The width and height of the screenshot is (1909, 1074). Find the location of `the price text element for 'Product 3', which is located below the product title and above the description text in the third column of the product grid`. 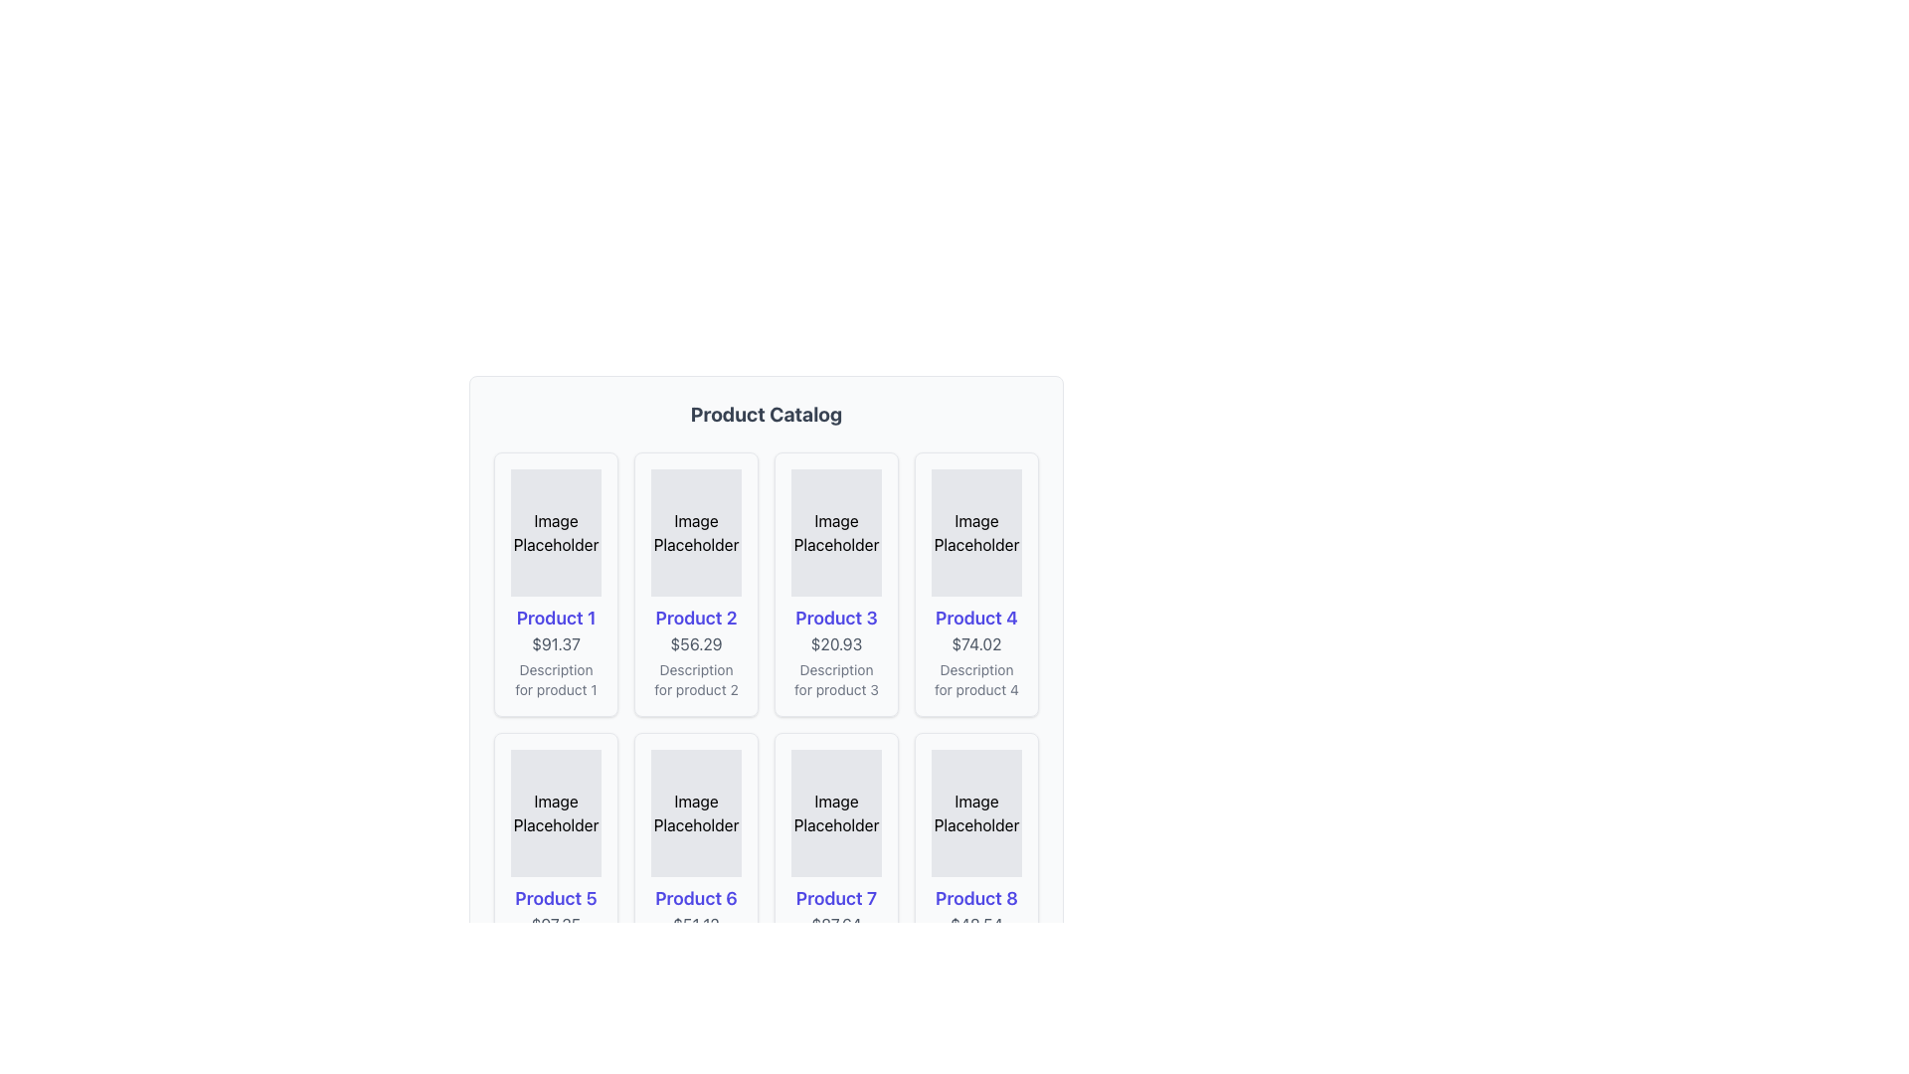

the price text element for 'Product 3', which is located below the product title and above the description text in the third column of the product grid is located at coordinates (836, 644).